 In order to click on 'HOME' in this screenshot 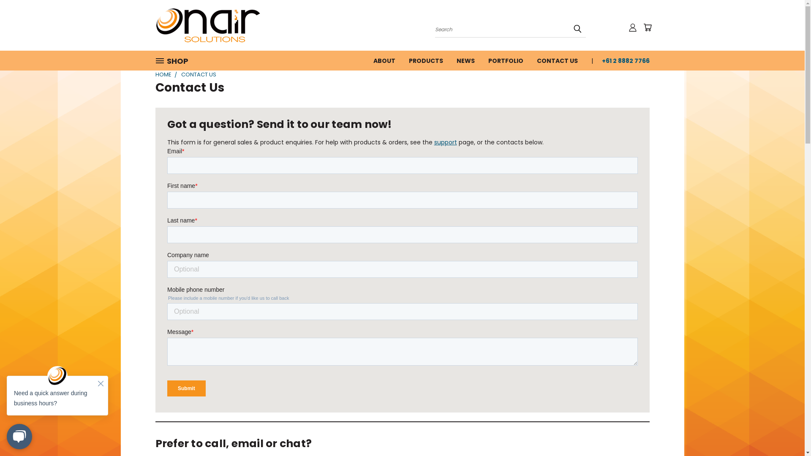, I will do `click(163, 74)`.